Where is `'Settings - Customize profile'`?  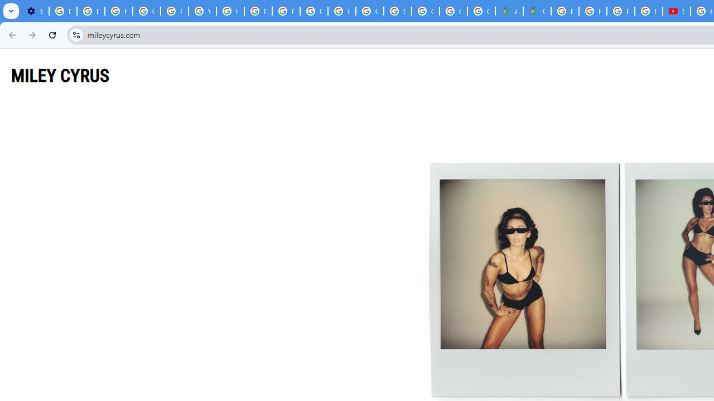
'Settings - Customize profile' is located at coordinates (35, 11).